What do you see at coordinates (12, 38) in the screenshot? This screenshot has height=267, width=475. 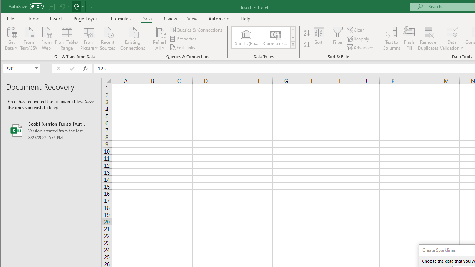 I see `'Get Data'` at bounding box center [12, 38].